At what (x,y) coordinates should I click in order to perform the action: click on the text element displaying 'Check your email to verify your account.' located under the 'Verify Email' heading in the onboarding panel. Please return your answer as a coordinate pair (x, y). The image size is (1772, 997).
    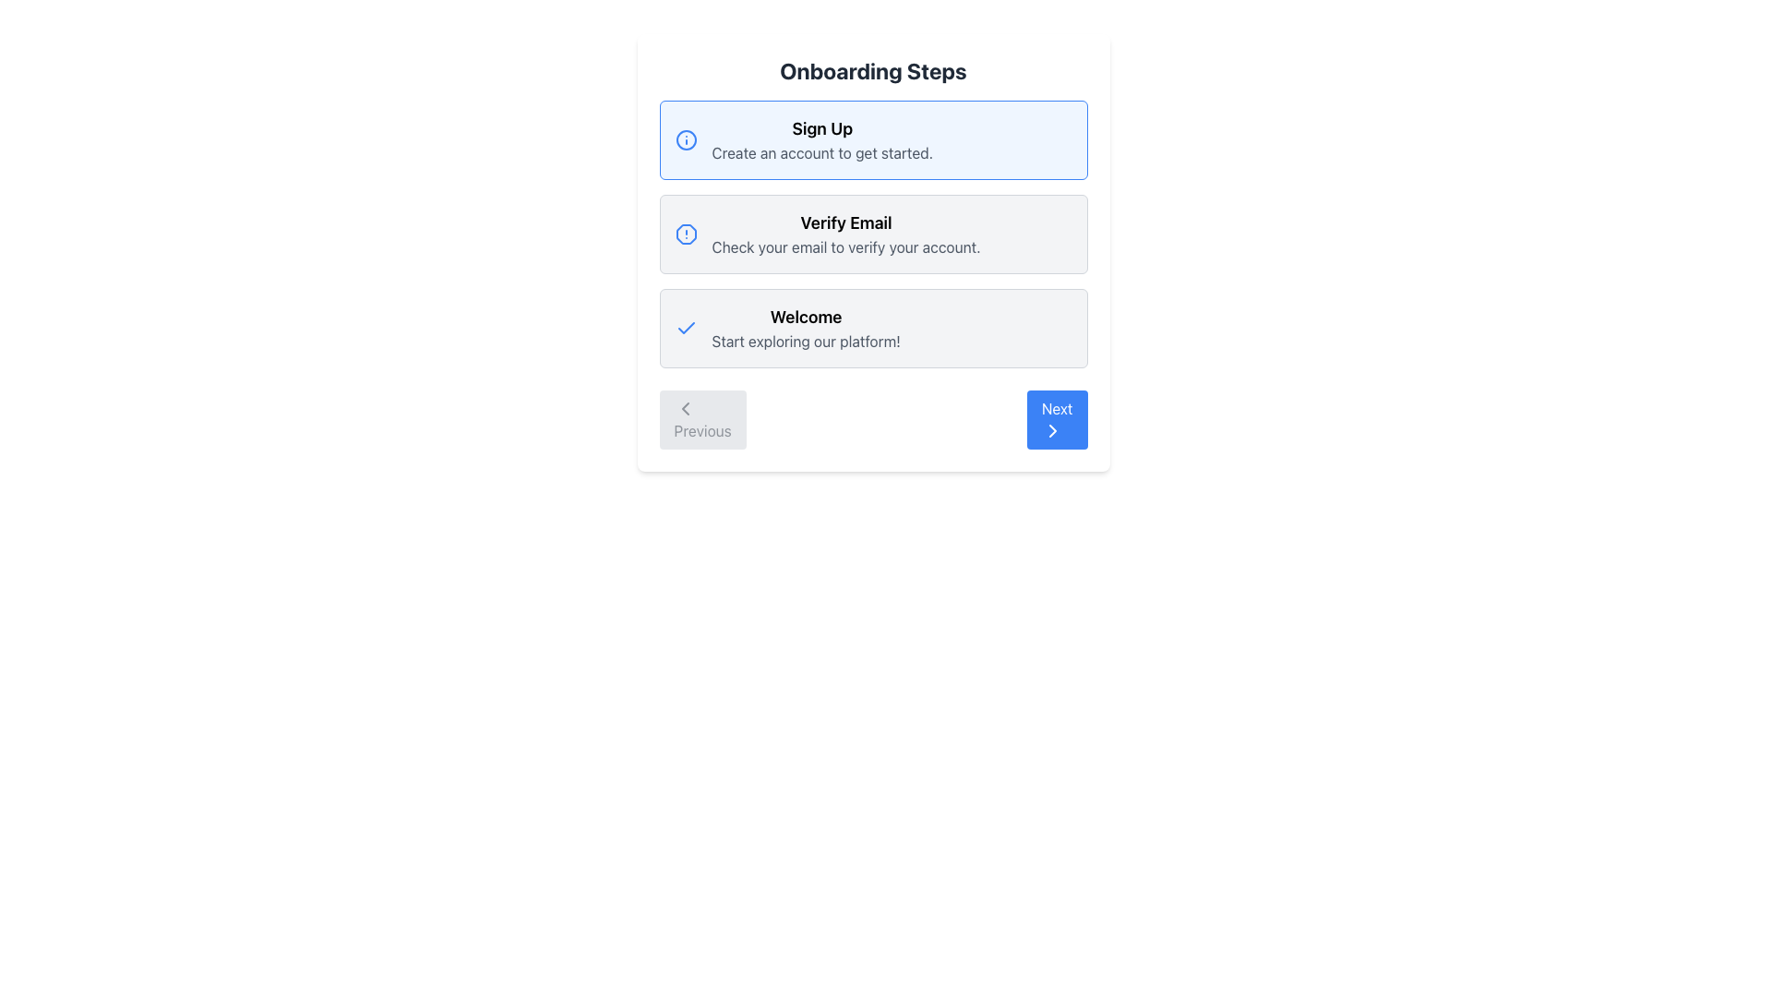
    Looking at the image, I should click on (844, 246).